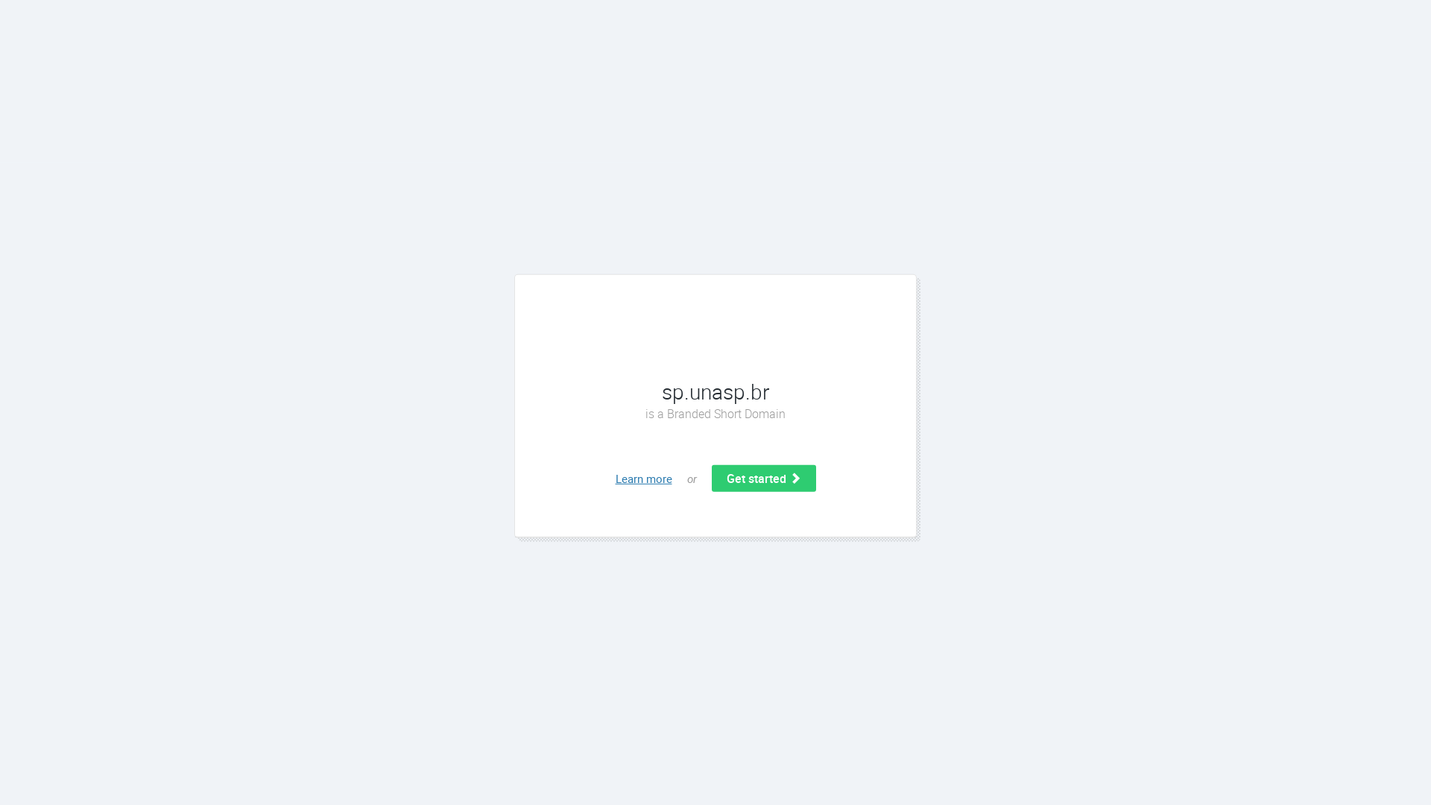 The width and height of the screenshot is (1431, 805). What do you see at coordinates (762, 478) in the screenshot?
I see `'Get started'` at bounding box center [762, 478].